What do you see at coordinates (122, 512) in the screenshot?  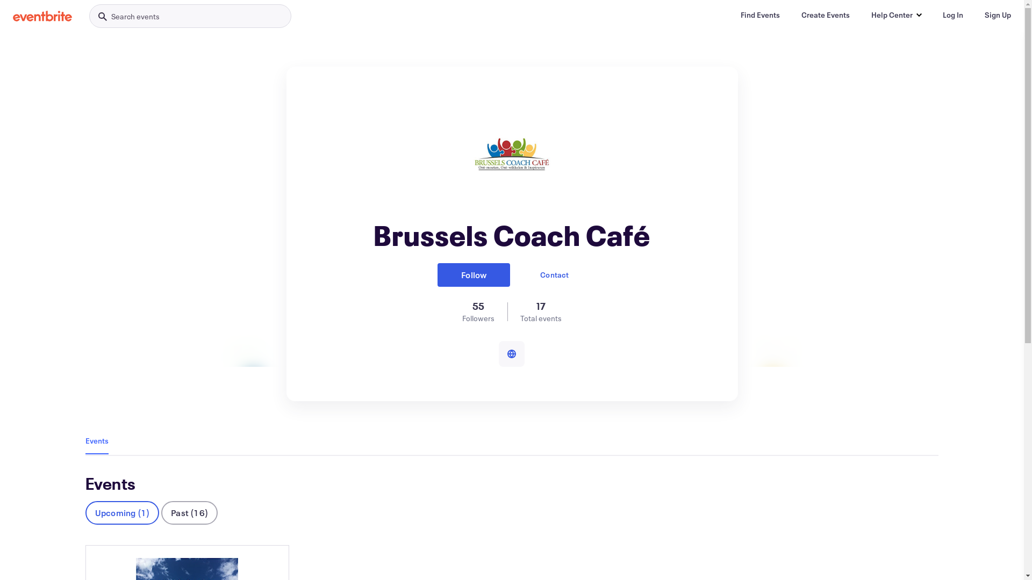 I see `'Upcoming (1)'` at bounding box center [122, 512].